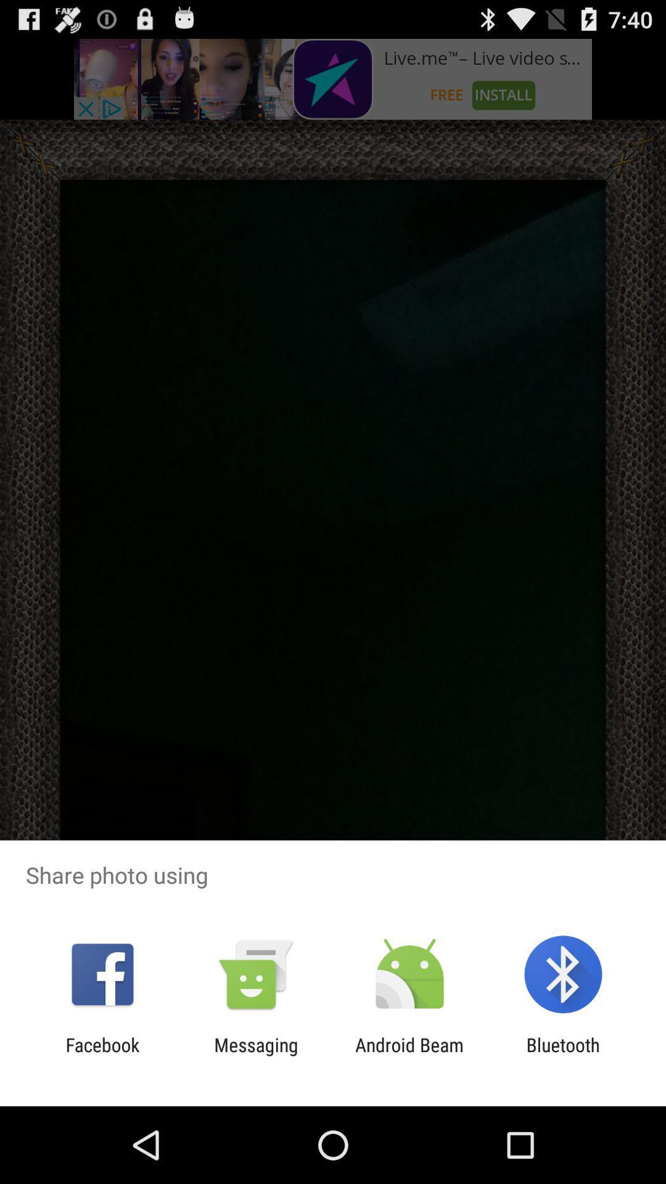 The height and width of the screenshot is (1184, 666). What do you see at coordinates (102, 1055) in the screenshot?
I see `the item to the left of messaging icon` at bounding box center [102, 1055].